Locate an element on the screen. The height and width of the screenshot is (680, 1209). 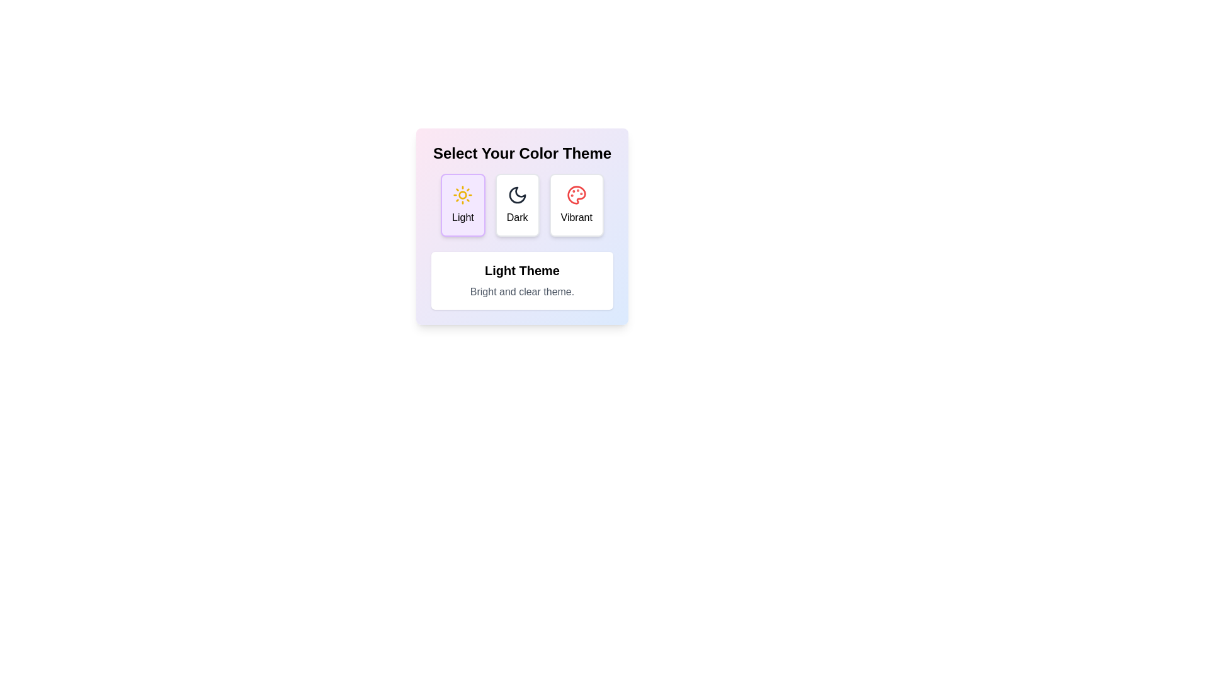
the crescent moon icon representing the dark mode selection in the thematic selection interface labeled 'Dark' is located at coordinates (517, 195).